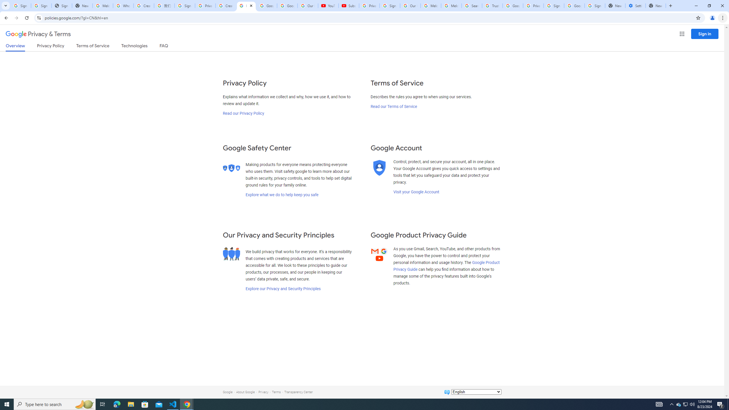 The height and width of the screenshot is (410, 729). Describe the element at coordinates (245, 392) in the screenshot. I see `'About Google'` at that location.